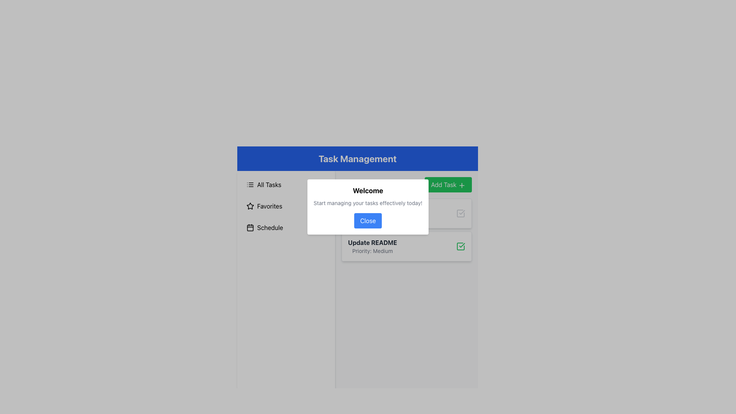 This screenshot has height=414, width=736. Describe the element at coordinates (372, 251) in the screenshot. I see `the text label displaying the priority level 'Medium' for the task 'Update README', which is located below the task name in the task listing section of the interface` at that location.